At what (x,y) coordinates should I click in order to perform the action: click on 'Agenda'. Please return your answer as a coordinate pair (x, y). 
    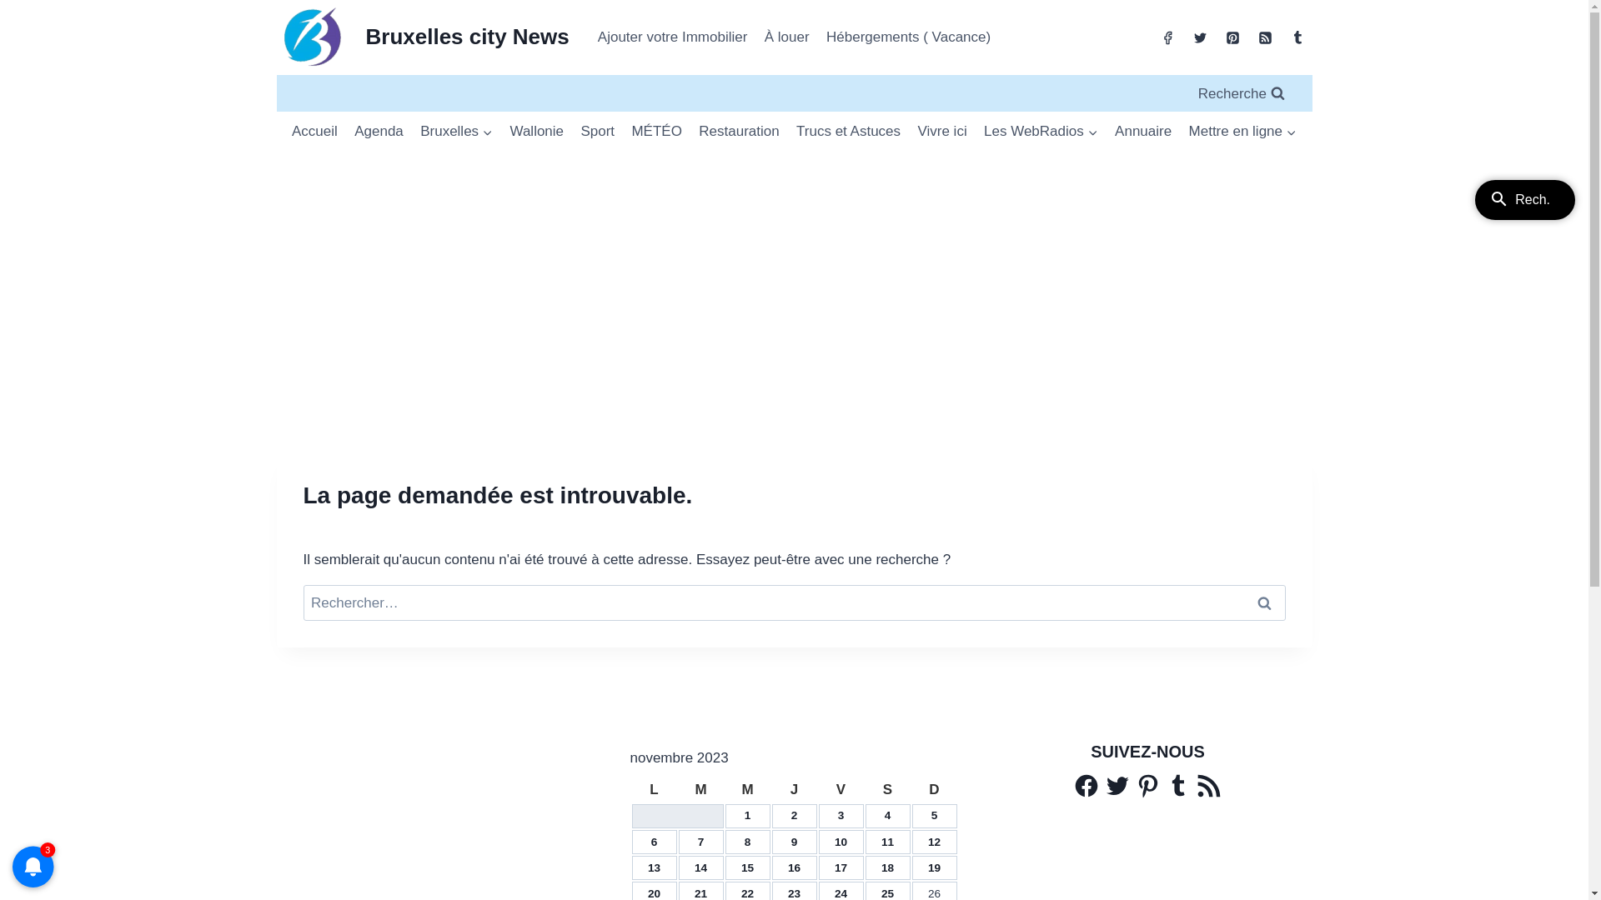
    Looking at the image, I should click on (378, 131).